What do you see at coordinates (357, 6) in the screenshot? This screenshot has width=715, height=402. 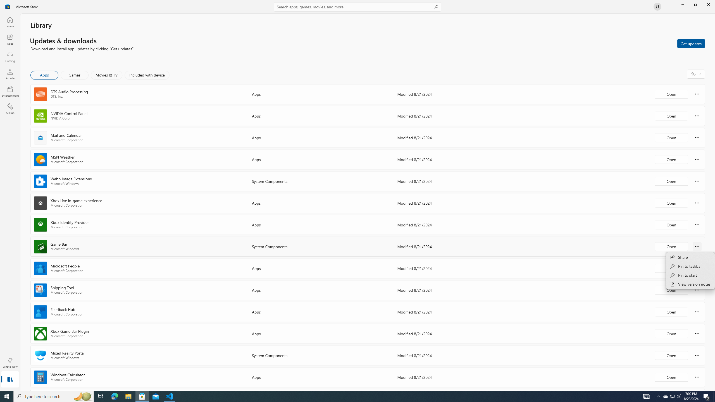 I see `'Search'` at bounding box center [357, 6].